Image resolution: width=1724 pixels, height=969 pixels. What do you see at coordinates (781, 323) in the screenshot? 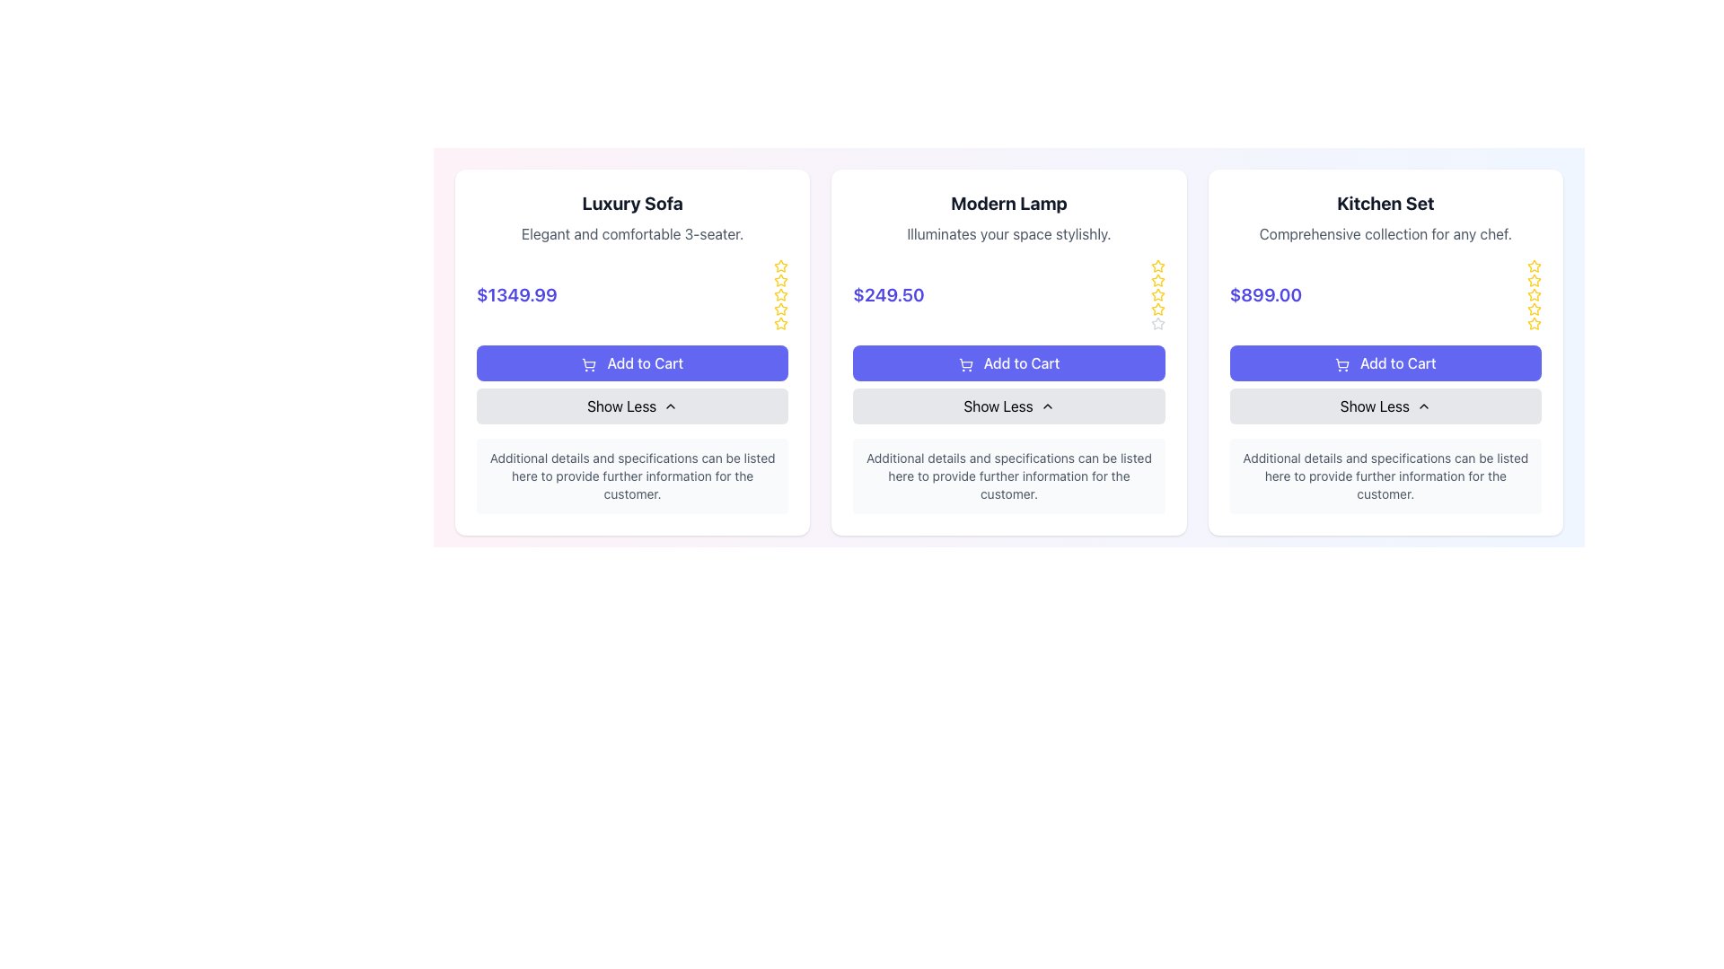
I see `the fifth star icon in the rating group for the 'Luxury Sofa' card, which is a yellow star indicating rating` at bounding box center [781, 323].